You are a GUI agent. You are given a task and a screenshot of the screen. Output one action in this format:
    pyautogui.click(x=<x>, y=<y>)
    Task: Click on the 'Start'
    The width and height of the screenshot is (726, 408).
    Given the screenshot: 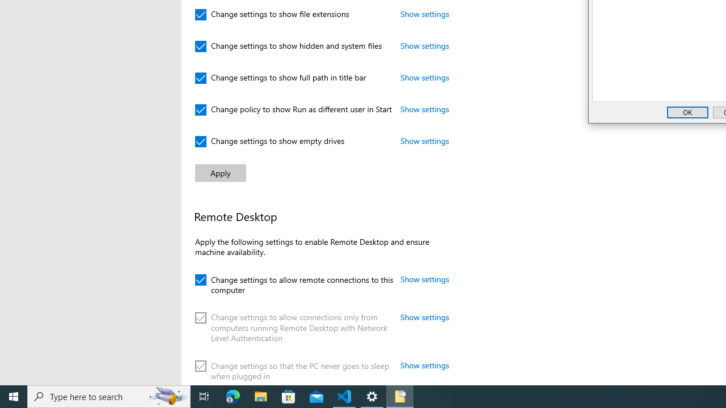 What is the action you would take?
    pyautogui.click(x=14, y=396)
    